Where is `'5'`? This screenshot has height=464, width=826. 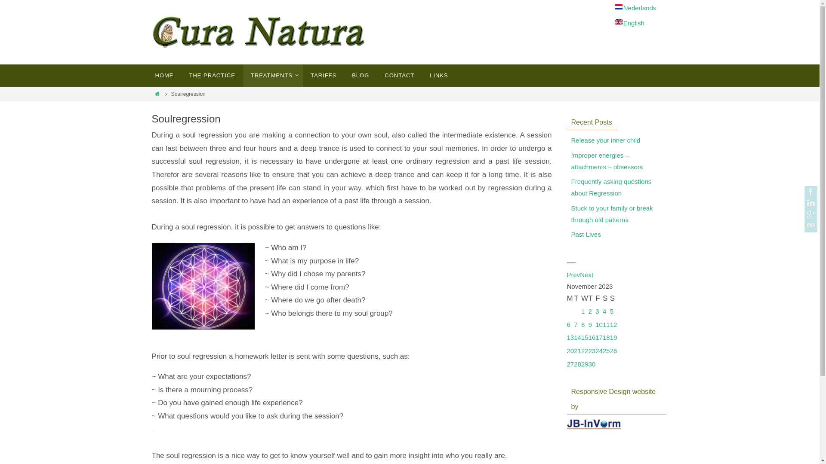 '5' is located at coordinates (611, 311).